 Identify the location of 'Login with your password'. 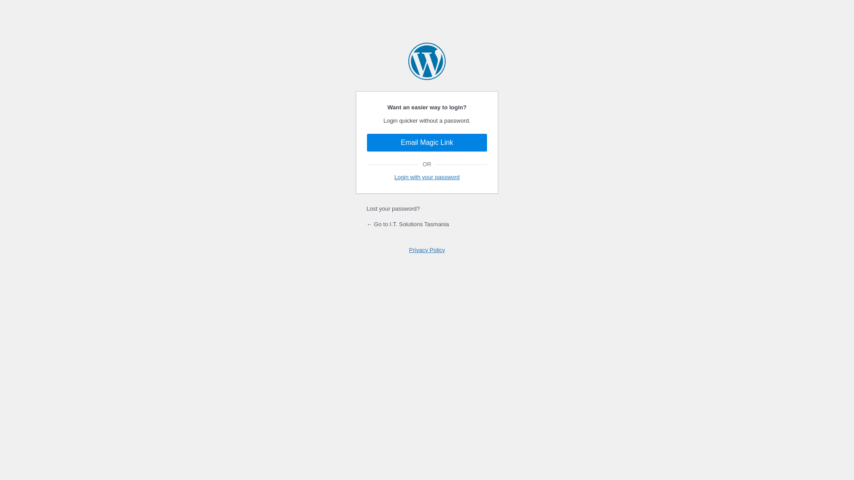
(427, 177).